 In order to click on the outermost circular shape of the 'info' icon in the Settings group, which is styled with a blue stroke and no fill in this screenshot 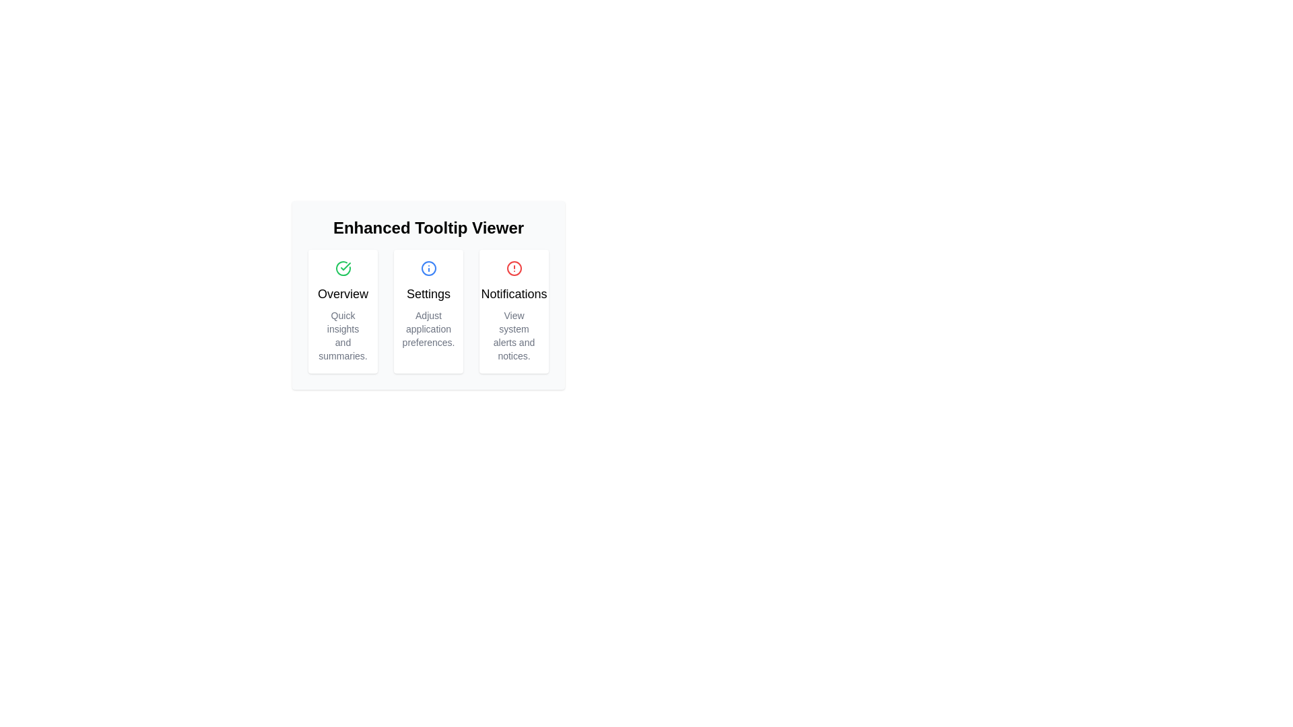, I will do `click(428, 268)`.